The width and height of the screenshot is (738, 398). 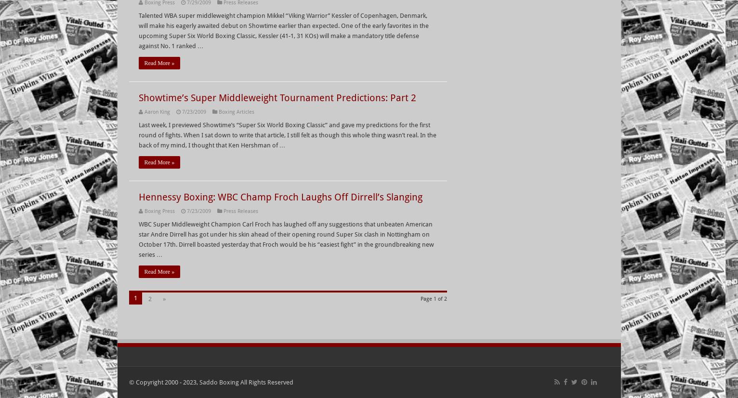 I want to click on 'WBC Super Middleweight Champion Carl Froch has laughed off any suggestions that unbeaten American star Andre Dirrell has got under his skin ahead of their opening round Super Six clash in Nottingham on October 17th. Dirrell boasted yesterday that Froch would be his “easiest fight” in the groundbreaking new series …', so click(x=138, y=239).